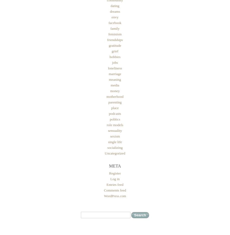 This screenshot has height=235, width=230. Describe the element at coordinates (115, 56) in the screenshot. I see `'hobbies'` at that location.